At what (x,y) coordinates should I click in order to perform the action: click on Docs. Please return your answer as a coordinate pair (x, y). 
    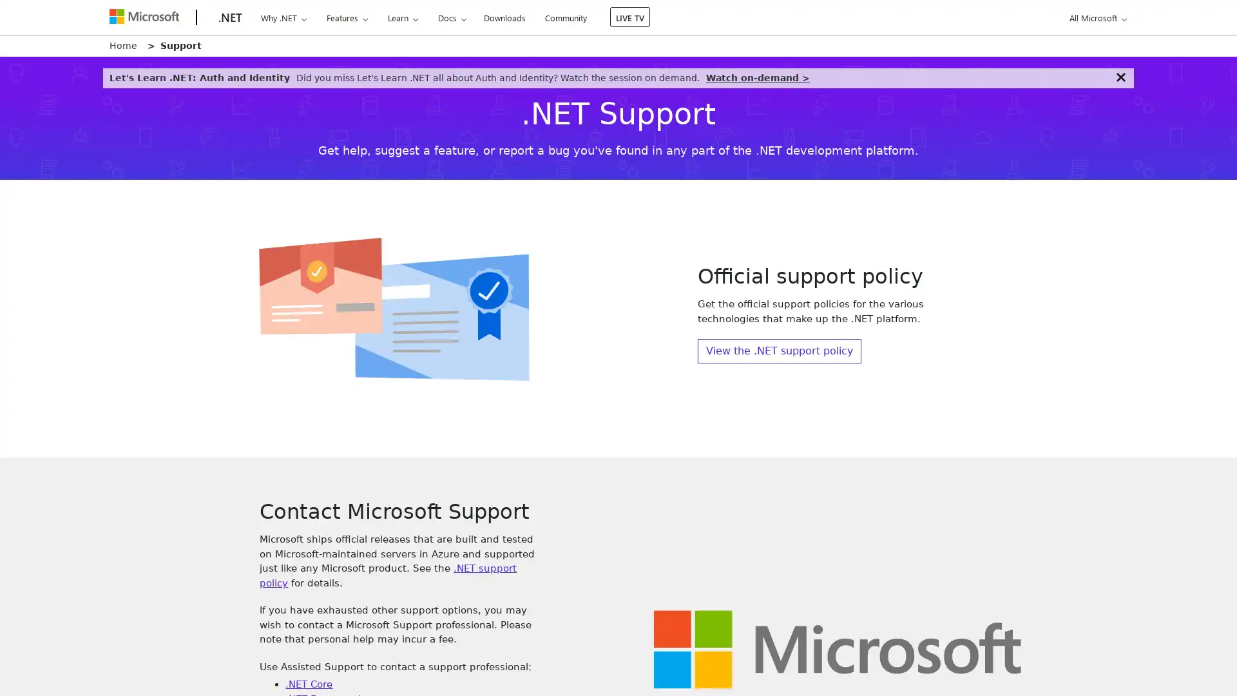
    Looking at the image, I should click on (452, 17).